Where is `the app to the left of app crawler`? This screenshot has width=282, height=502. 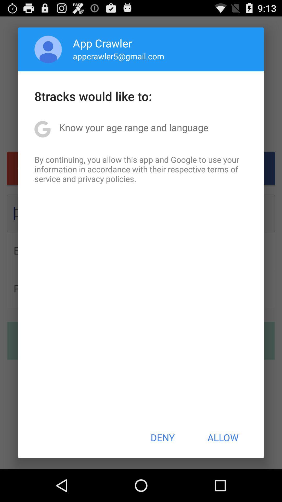 the app to the left of app crawler is located at coordinates (48, 49).